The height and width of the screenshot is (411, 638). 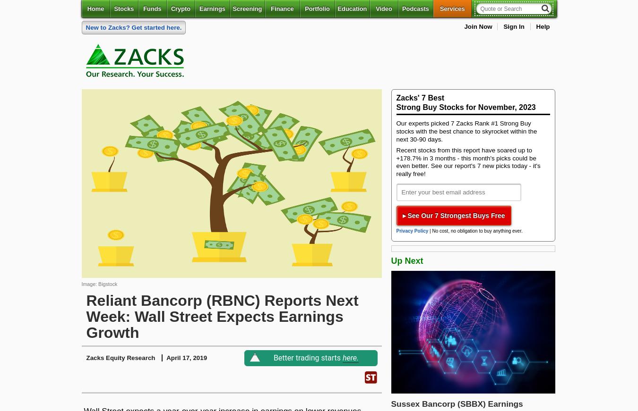 I want to click on 'Up Next', so click(x=407, y=260).